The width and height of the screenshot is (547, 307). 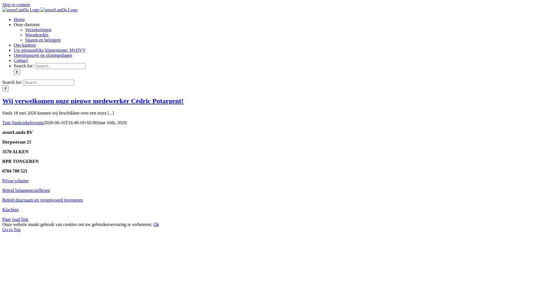 I want to click on 'Ons kantoor', so click(x=25, y=45).